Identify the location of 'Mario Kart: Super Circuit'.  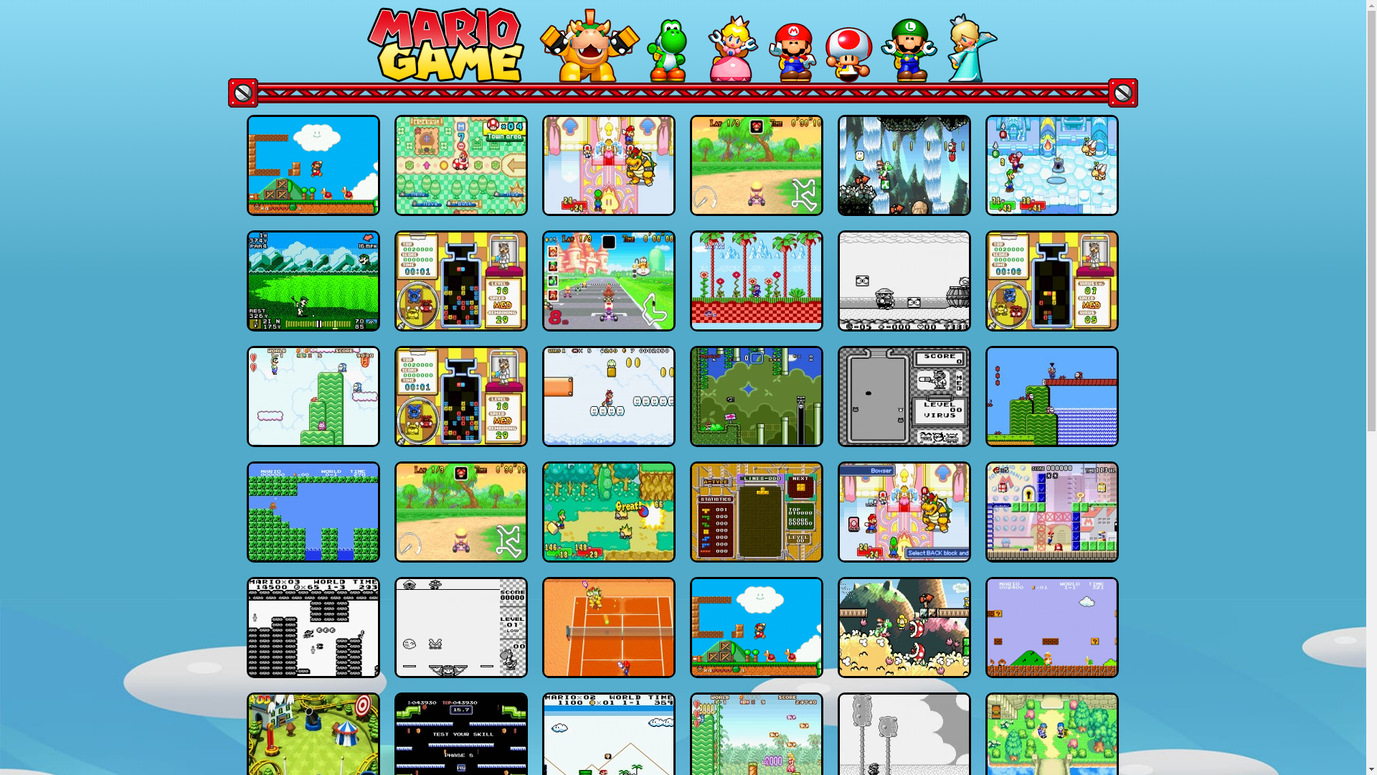
(609, 279).